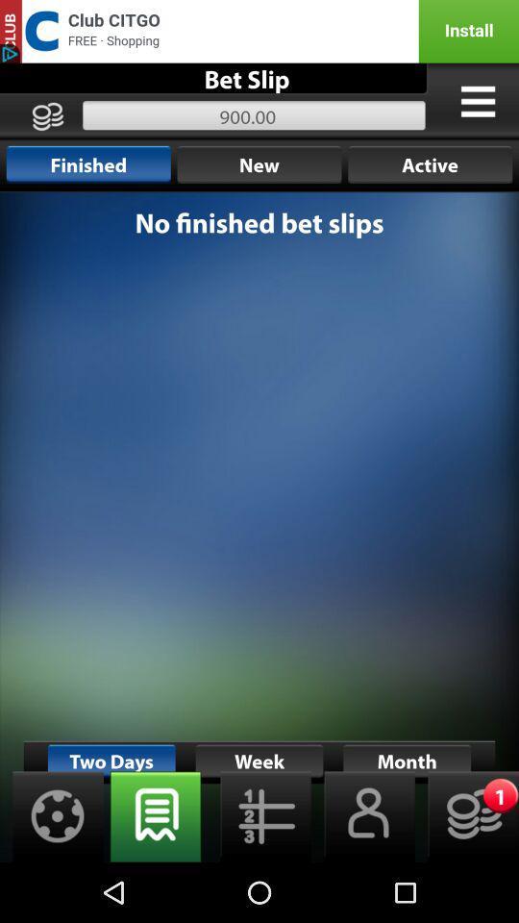 Image resolution: width=519 pixels, height=923 pixels. I want to click on open bet slips, so click(155, 815).